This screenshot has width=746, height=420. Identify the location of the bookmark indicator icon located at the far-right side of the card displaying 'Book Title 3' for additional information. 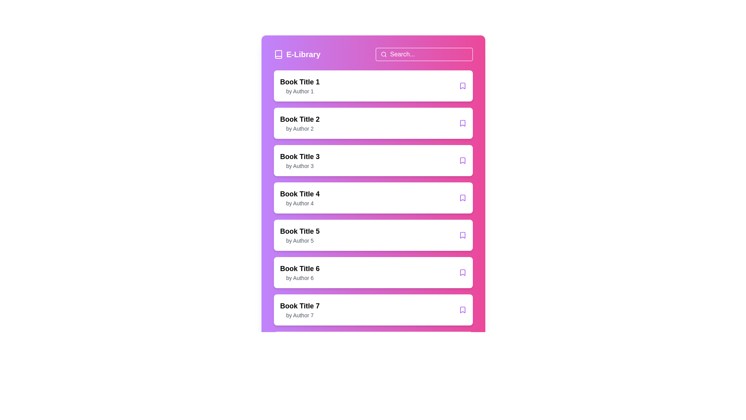
(462, 160).